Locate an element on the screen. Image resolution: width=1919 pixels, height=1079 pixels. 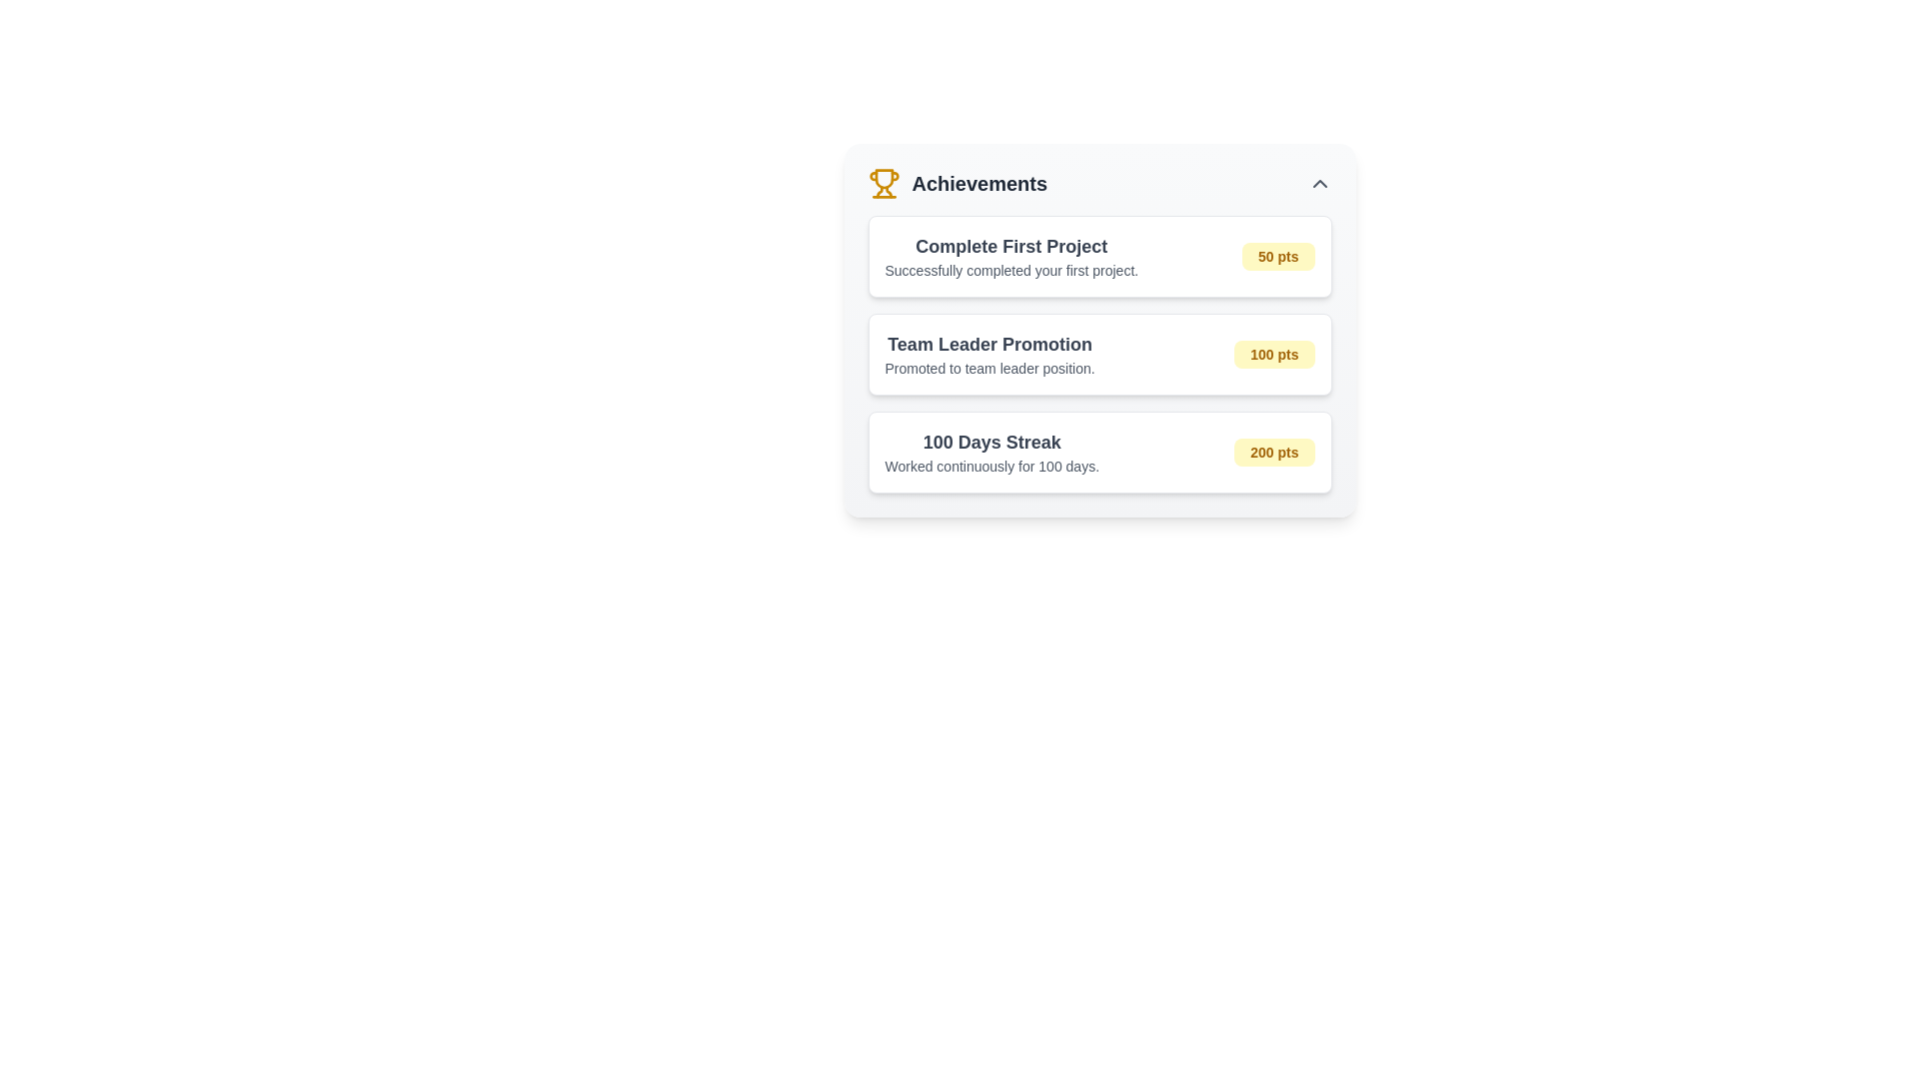
the header text of the second achievement card in the 'Achievements' panel, which indicates the title of the achievement is located at coordinates (989, 343).